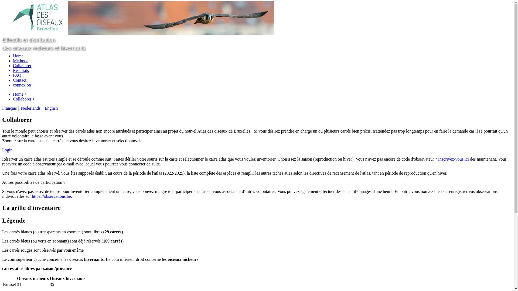  Describe the element at coordinates (18, 94) in the screenshot. I see `'Home'` at that location.